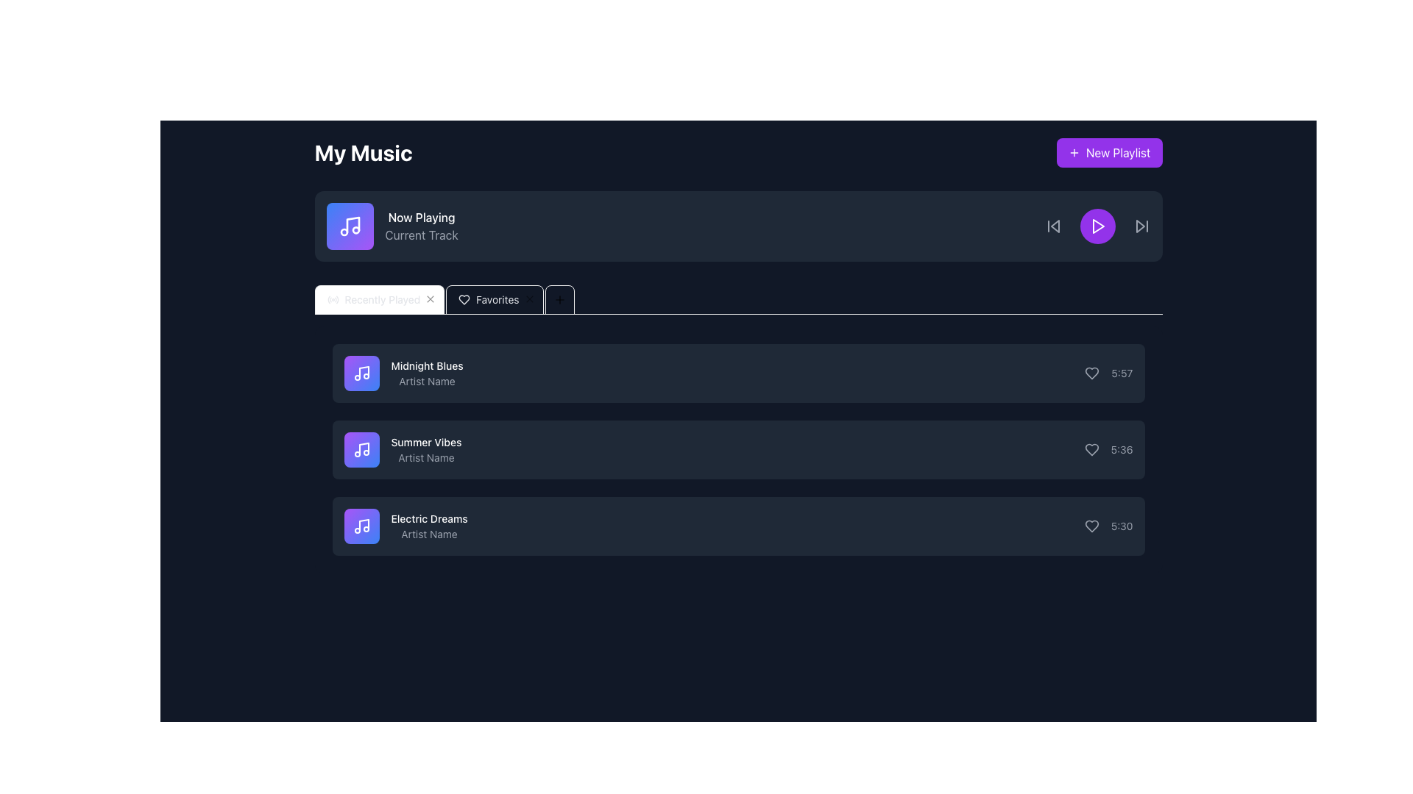 Image resolution: width=1413 pixels, height=794 pixels. What do you see at coordinates (425, 457) in the screenshot?
I see `the static text label element displaying 'Artist Name', which is styled in a small, gray font and positioned below the title 'Summer Vibes' in the music track card` at bounding box center [425, 457].